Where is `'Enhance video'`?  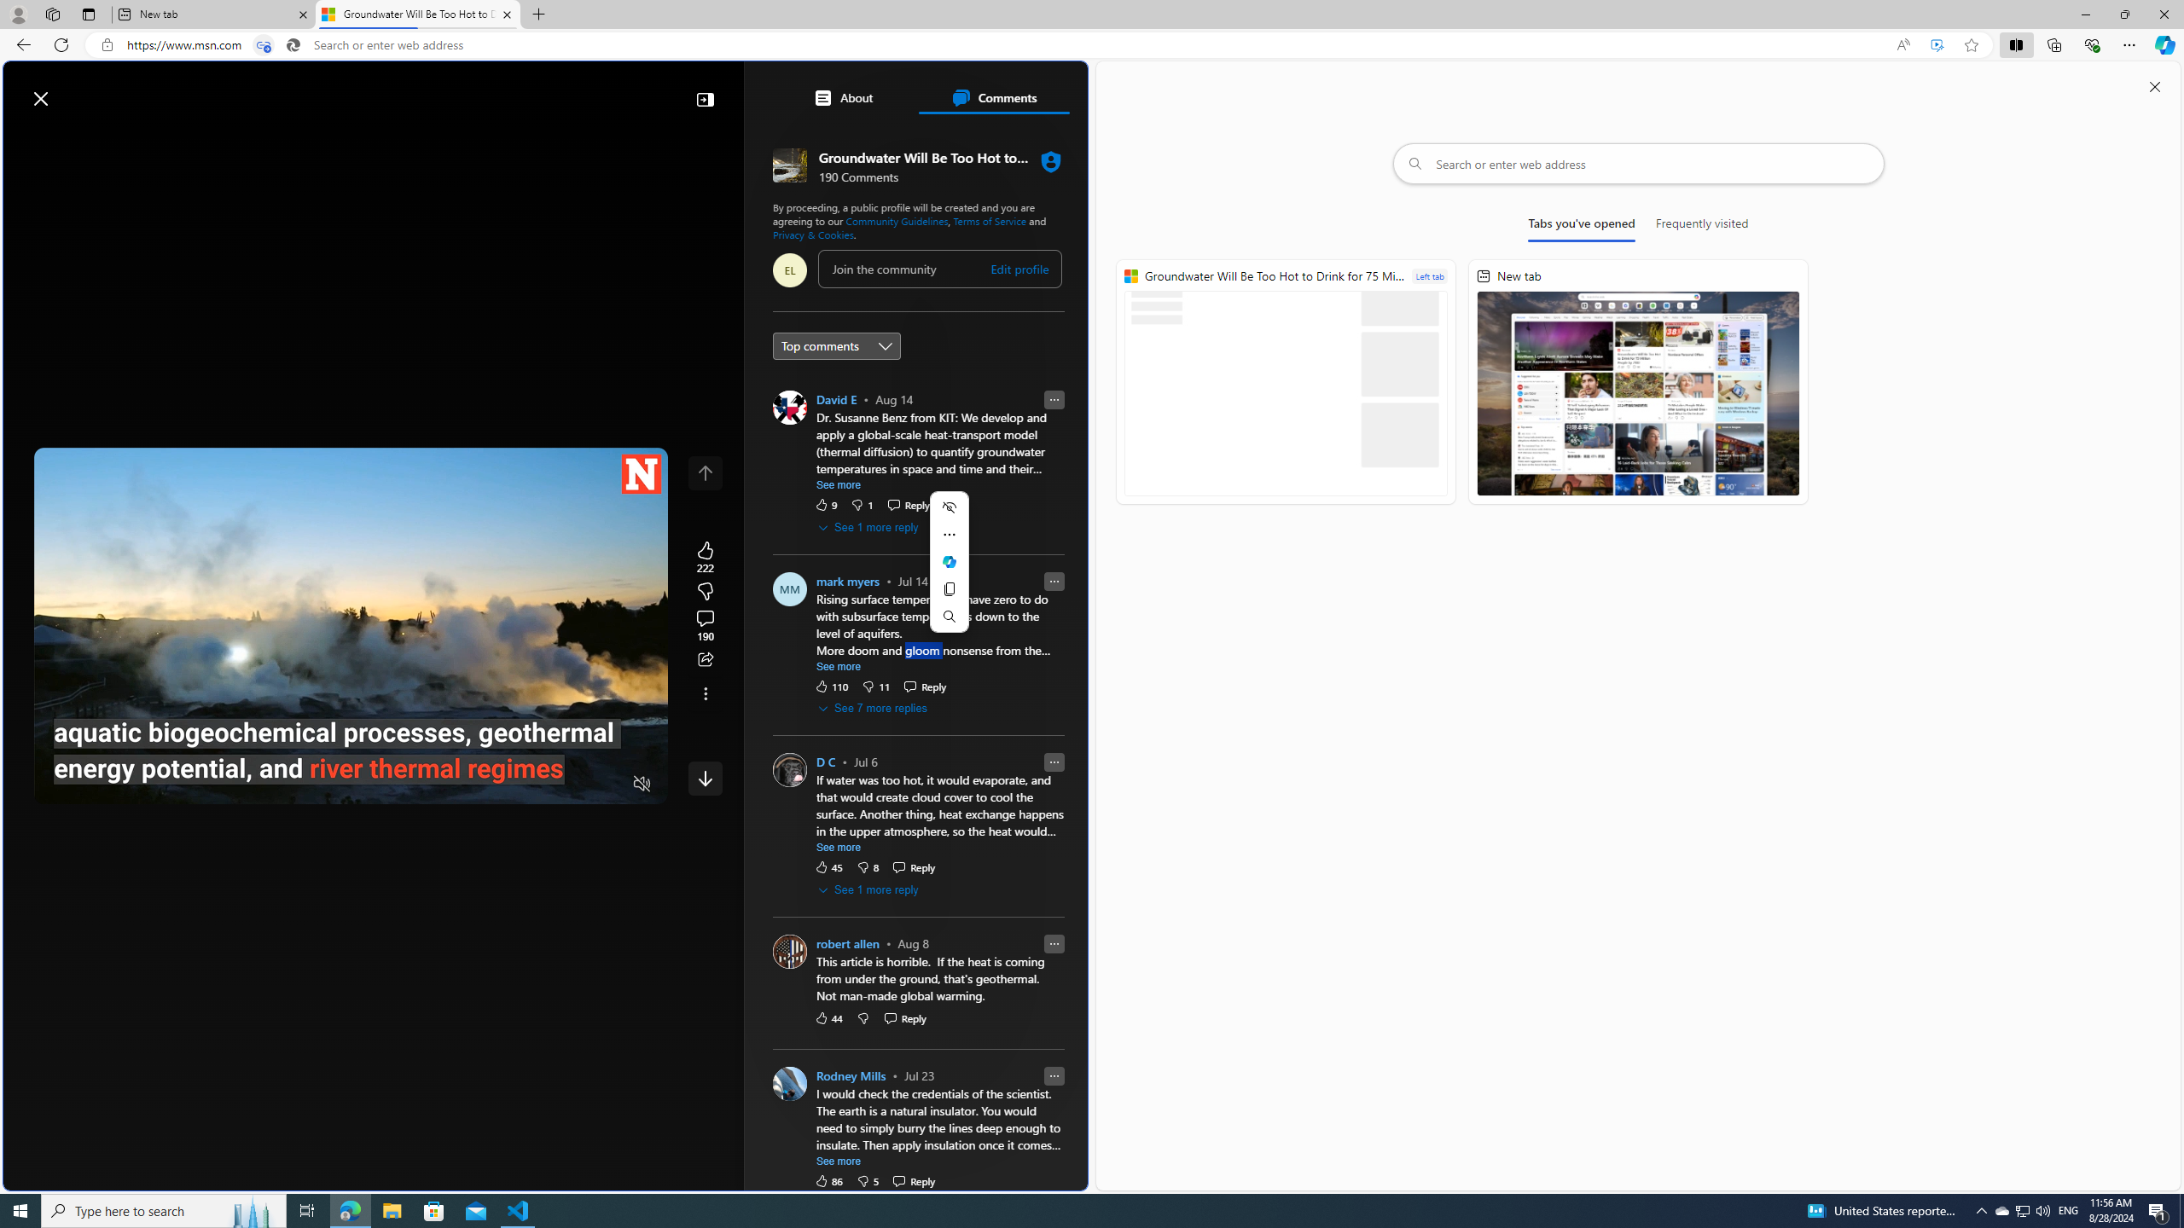
'Enhance video' is located at coordinates (1937, 45).